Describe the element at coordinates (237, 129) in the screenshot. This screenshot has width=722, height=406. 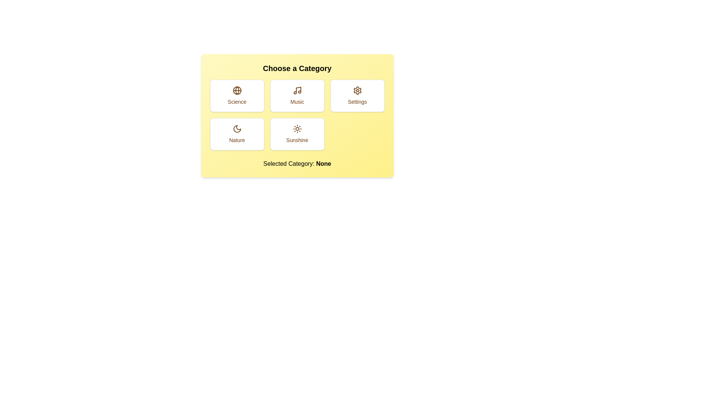
I see `the brown crescent moon-shaped icon located within the 'Nature' button in the bottom-left of the 'Choose a Category' grid` at that location.